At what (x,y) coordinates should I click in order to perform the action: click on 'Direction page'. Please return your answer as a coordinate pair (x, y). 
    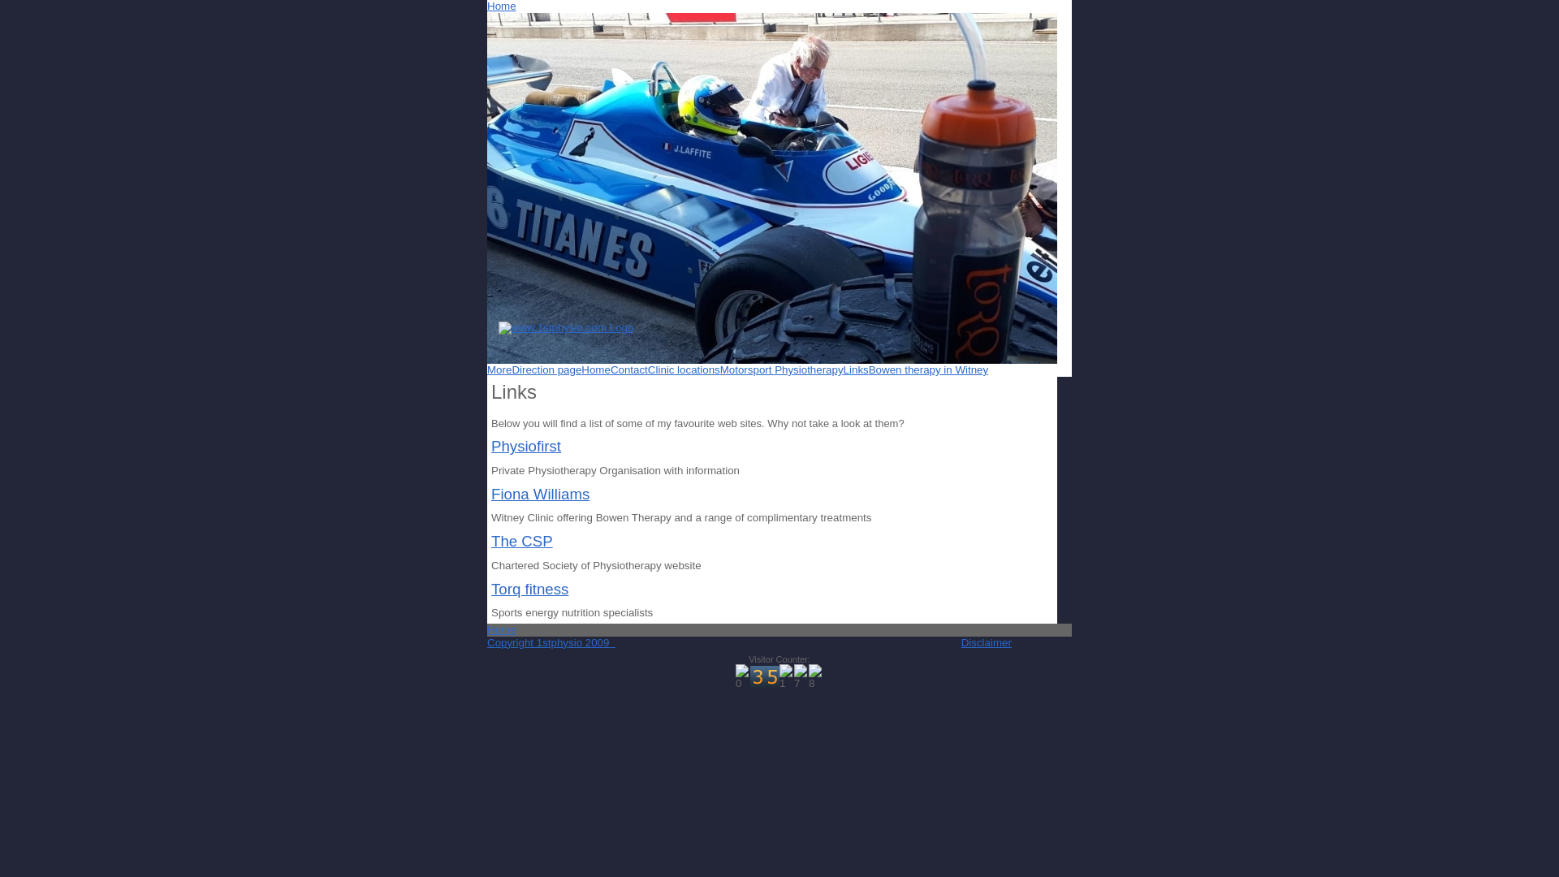
    Looking at the image, I should click on (546, 369).